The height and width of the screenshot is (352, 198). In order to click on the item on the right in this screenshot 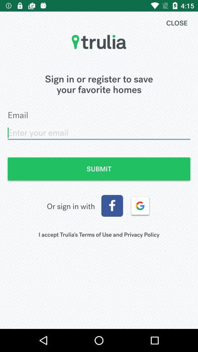, I will do `click(140, 206)`.